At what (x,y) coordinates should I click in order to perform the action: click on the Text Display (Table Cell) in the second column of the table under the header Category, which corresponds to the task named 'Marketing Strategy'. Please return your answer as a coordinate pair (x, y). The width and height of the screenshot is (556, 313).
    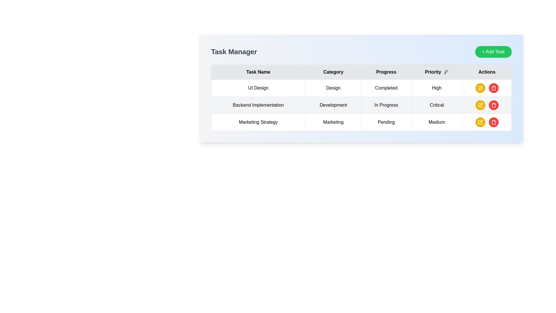
    Looking at the image, I should click on (333, 122).